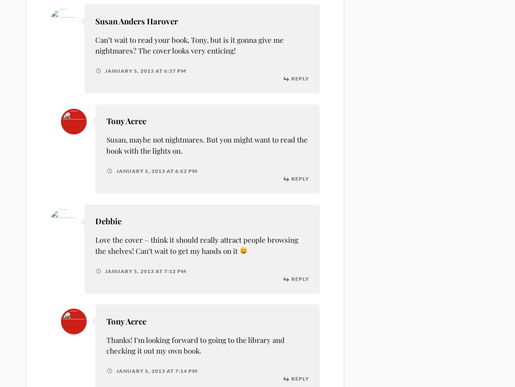  I want to click on 'Can’t wait to read your book, Tony, but is it gonna give me nightmares?  The cover looks very enticing!', so click(189, 45).